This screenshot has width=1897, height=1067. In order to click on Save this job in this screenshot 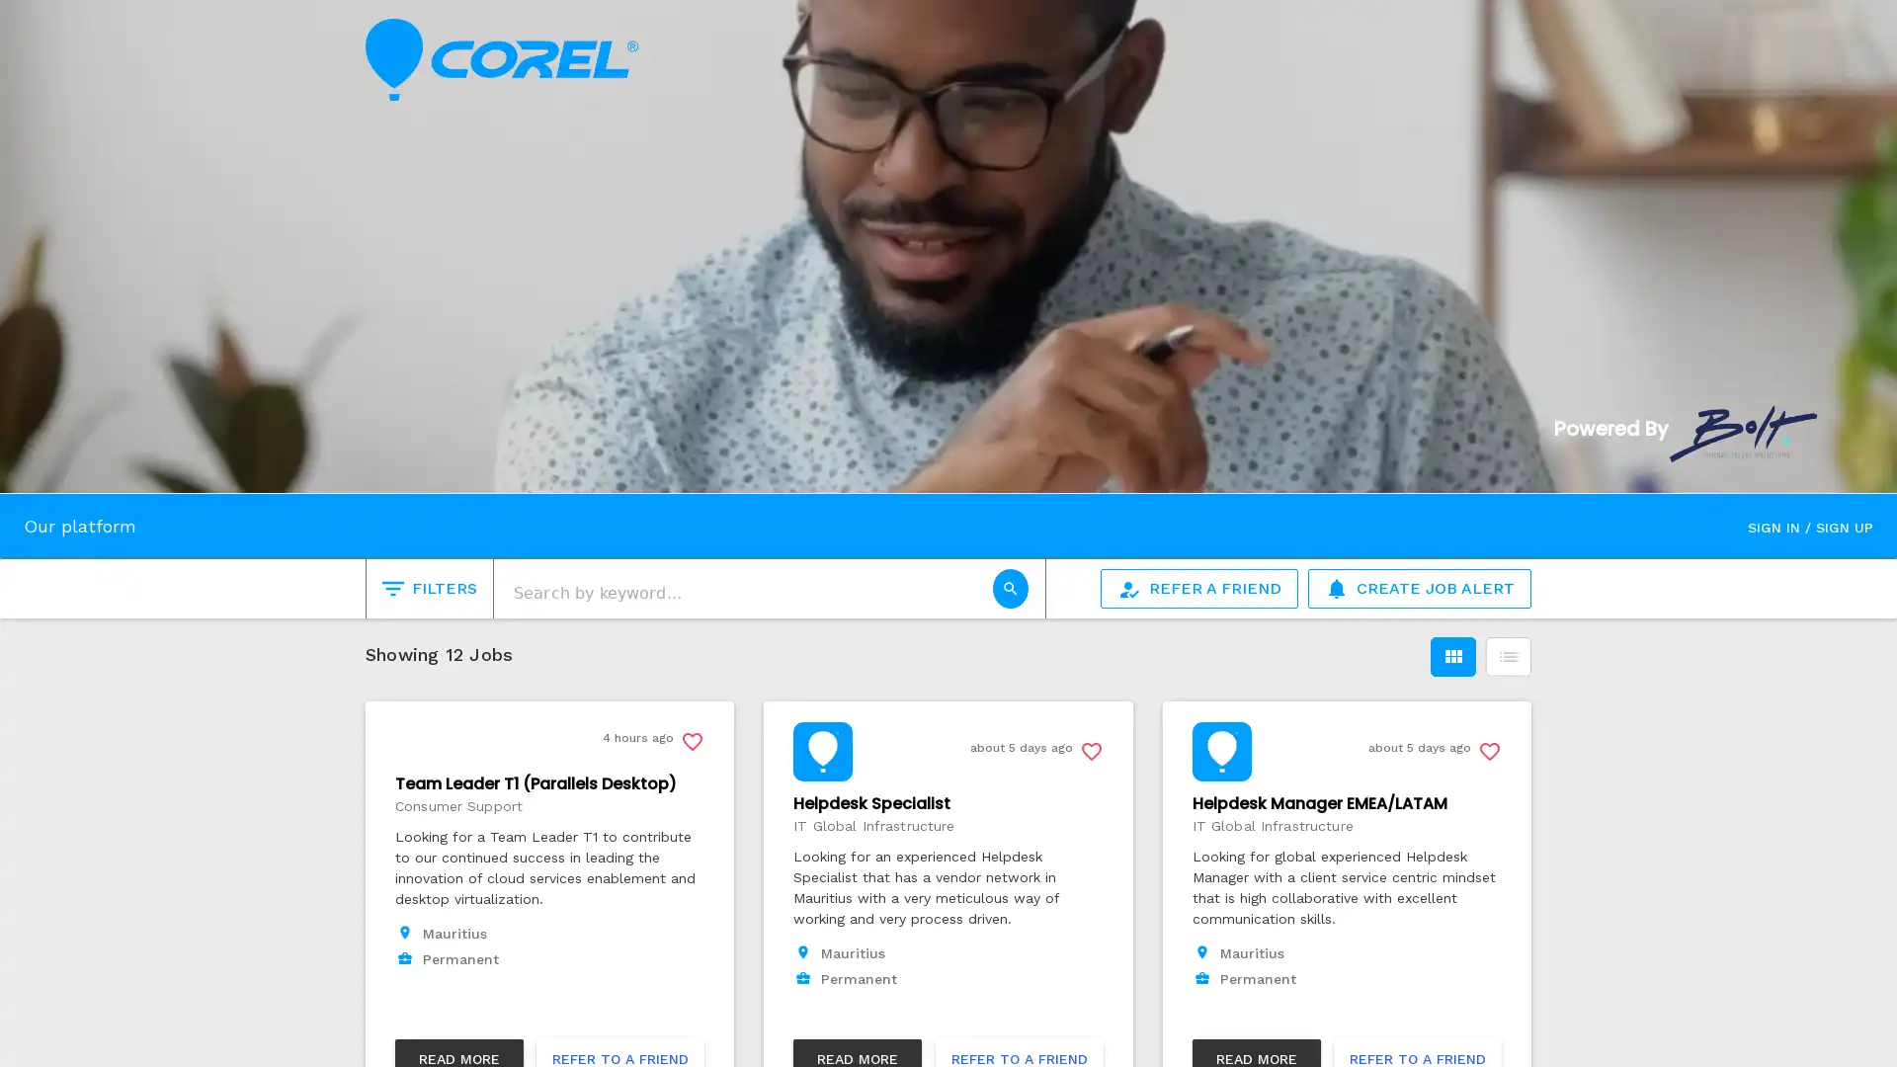, I will do `click(1493, 751)`.